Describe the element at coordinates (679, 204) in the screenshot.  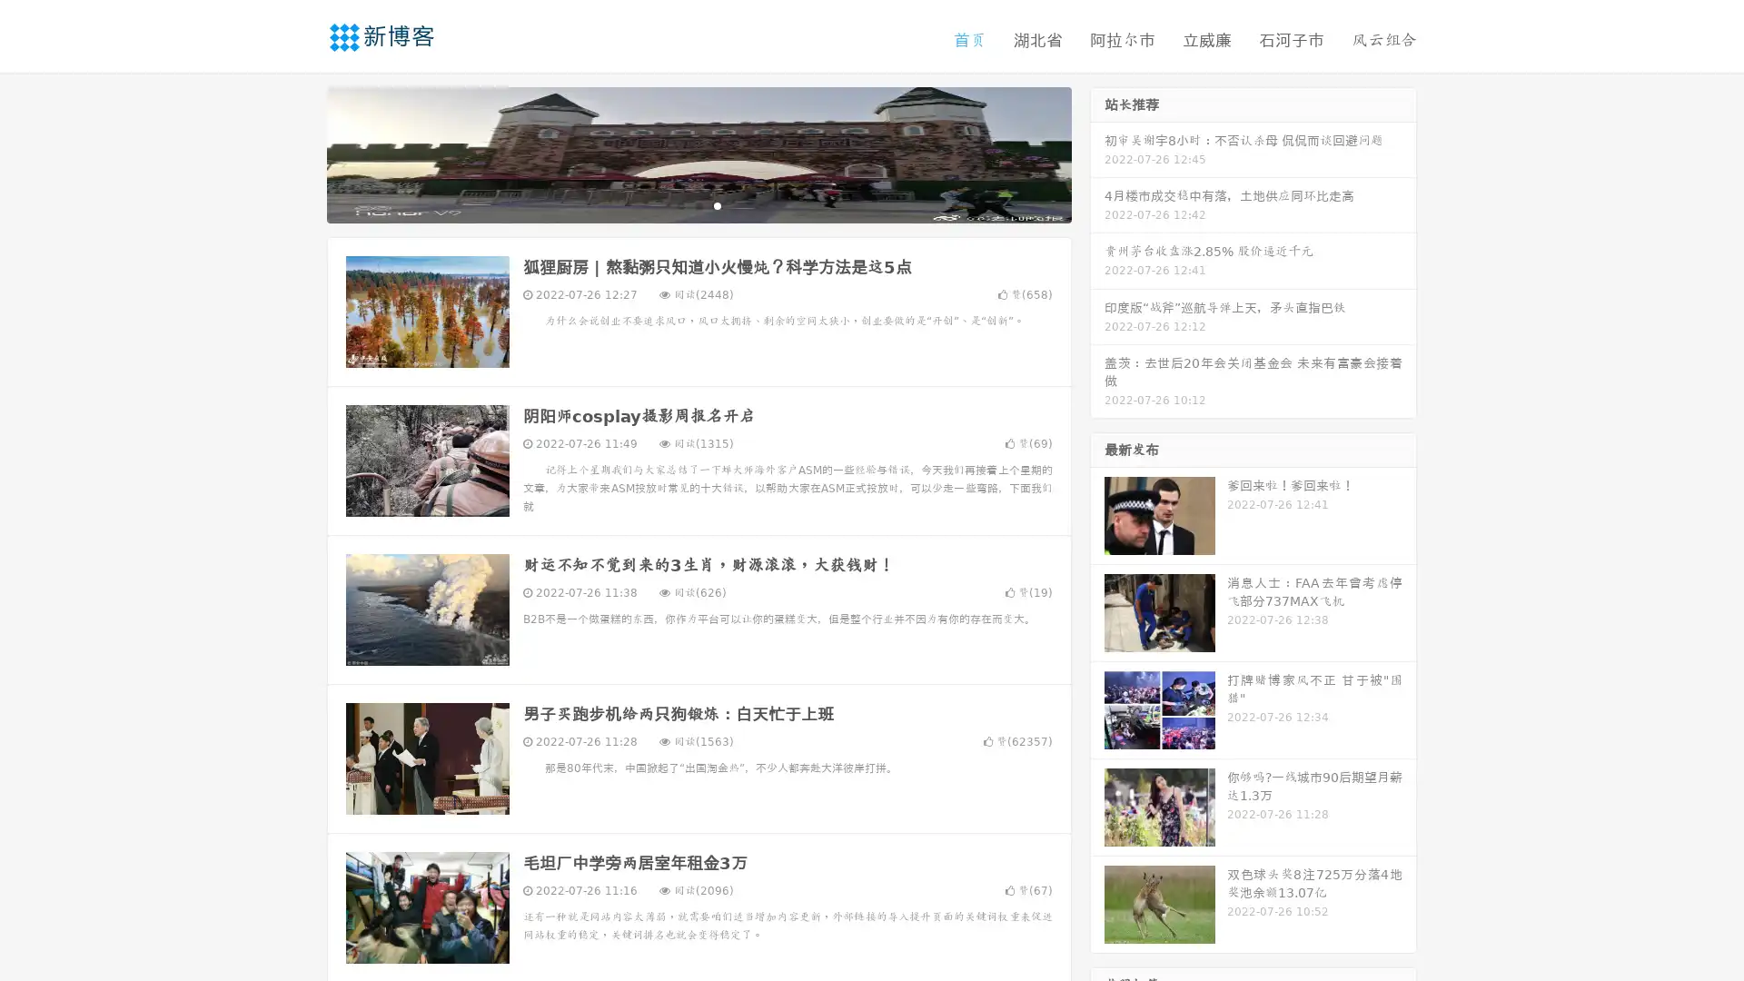
I see `Go to slide 1` at that location.